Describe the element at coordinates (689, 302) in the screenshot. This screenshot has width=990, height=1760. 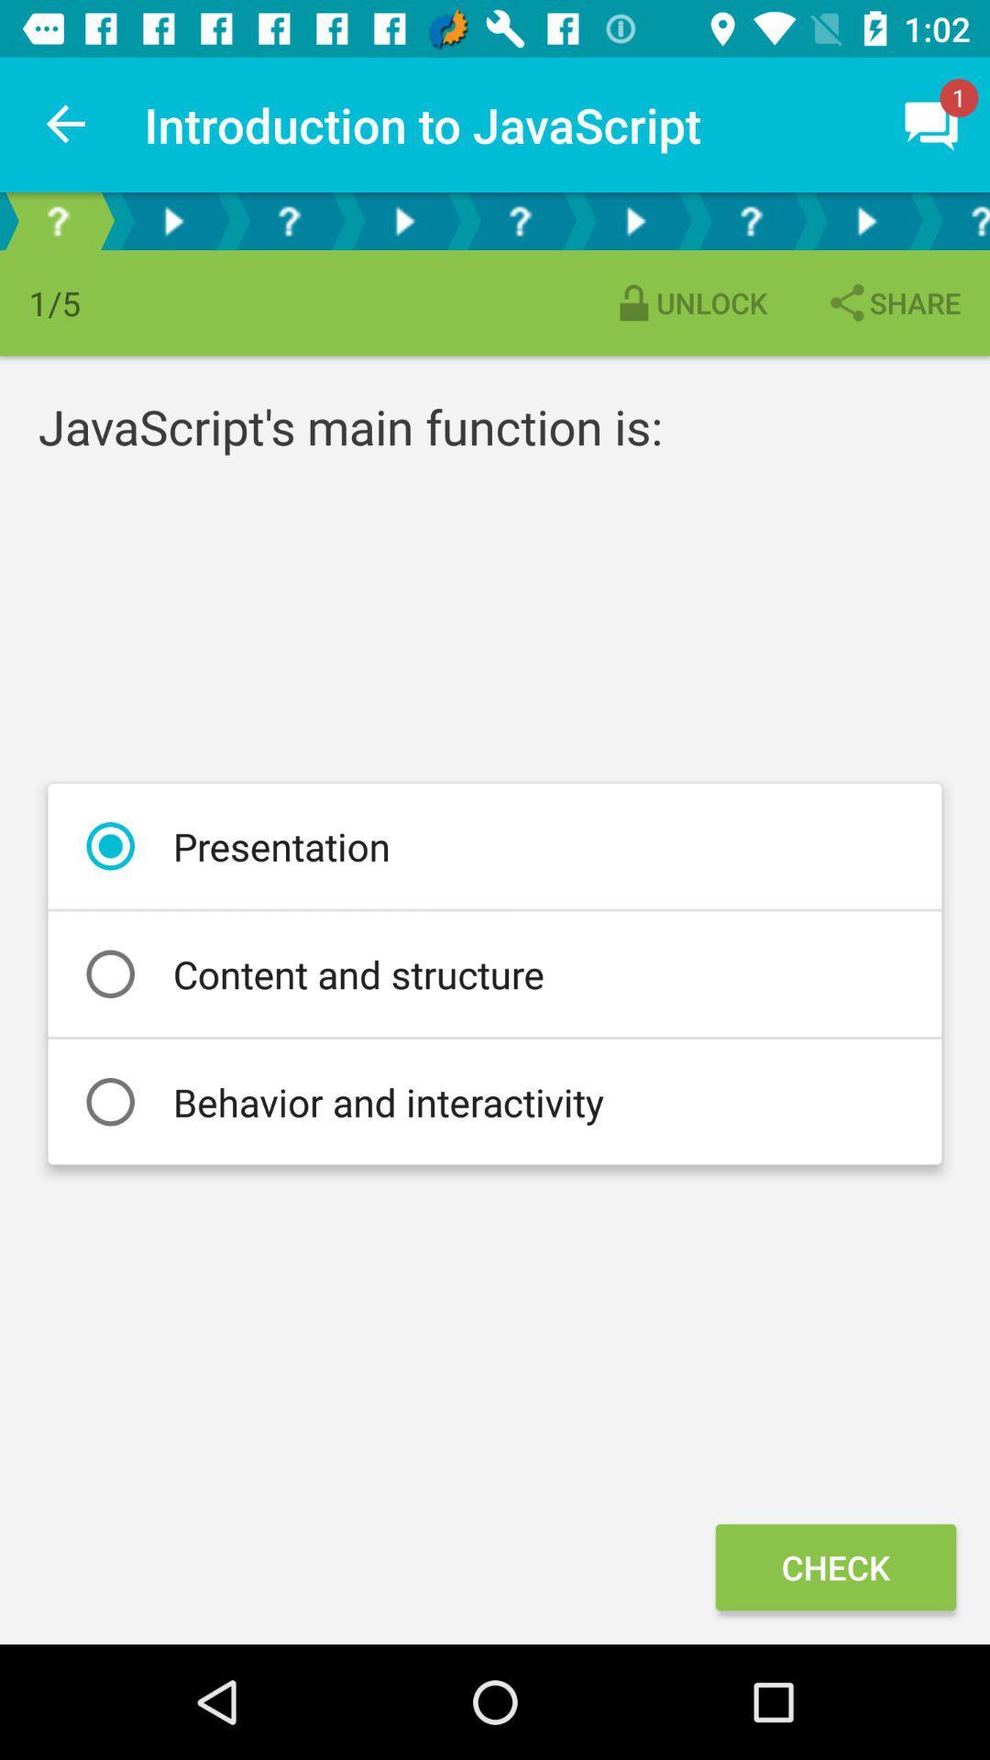
I see `the unlock icon` at that location.